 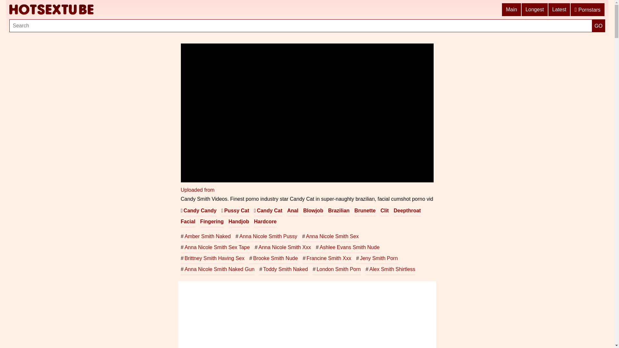 What do you see at coordinates (377, 258) in the screenshot?
I see `'Jeny Smith Porn'` at bounding box center [377, 258].